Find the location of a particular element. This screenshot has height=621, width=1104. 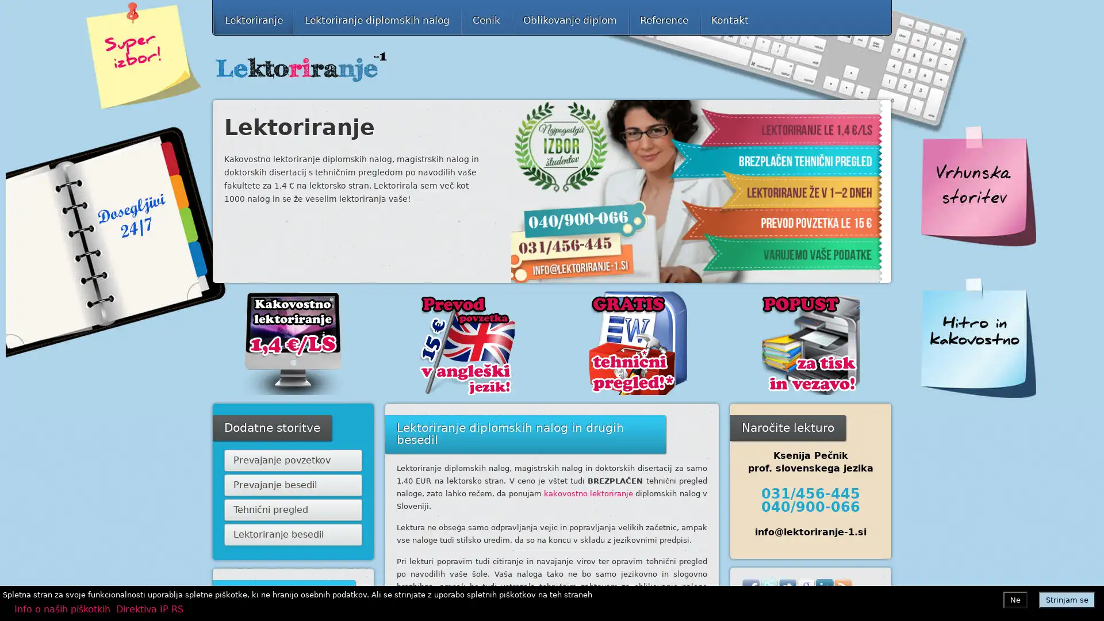

Strinjam se is located at coordinates (1067, 599).